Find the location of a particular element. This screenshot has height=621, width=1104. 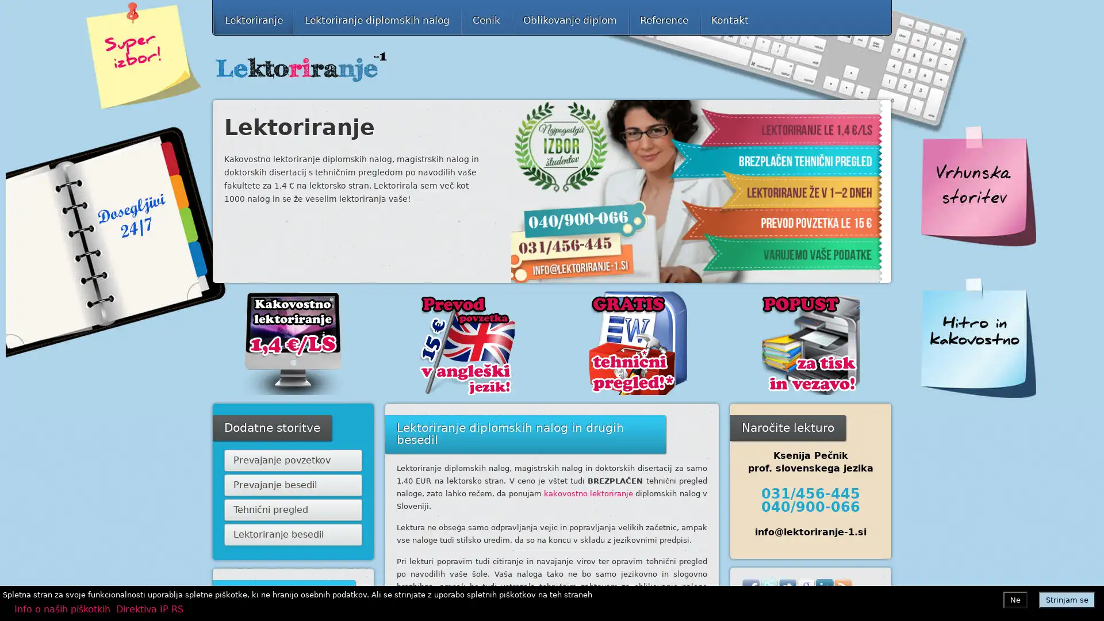

Strinjam se is located at coordinates (1067, 599).